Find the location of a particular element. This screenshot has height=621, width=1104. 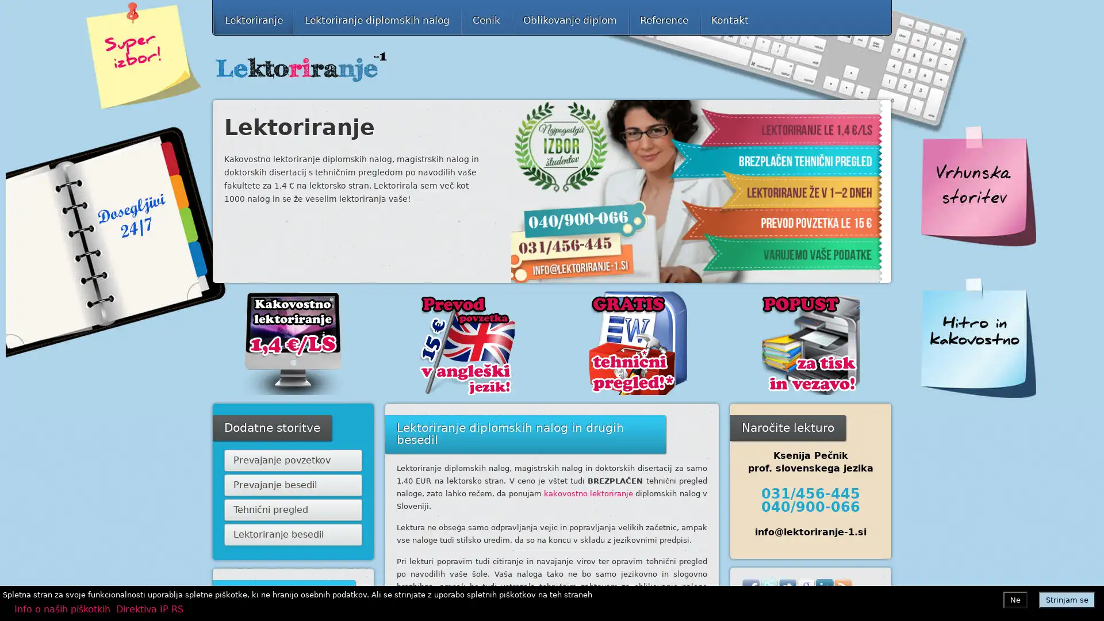

Strinjam se is located at coordinates (1067, 599).